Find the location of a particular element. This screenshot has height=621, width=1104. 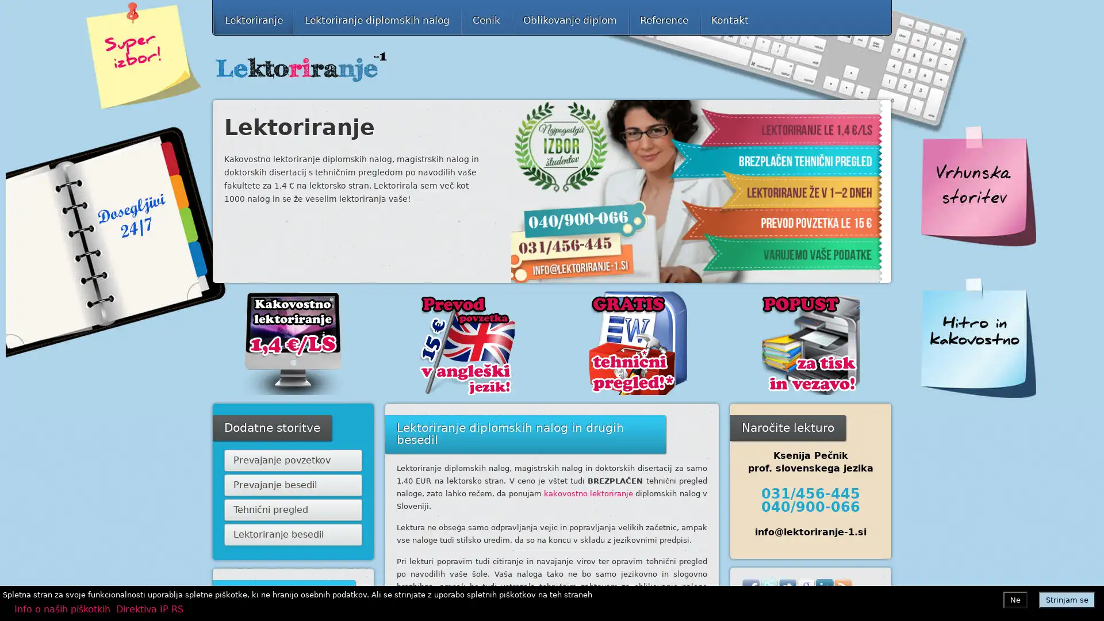

Strinjam se is located at coordinates (1067, 599).